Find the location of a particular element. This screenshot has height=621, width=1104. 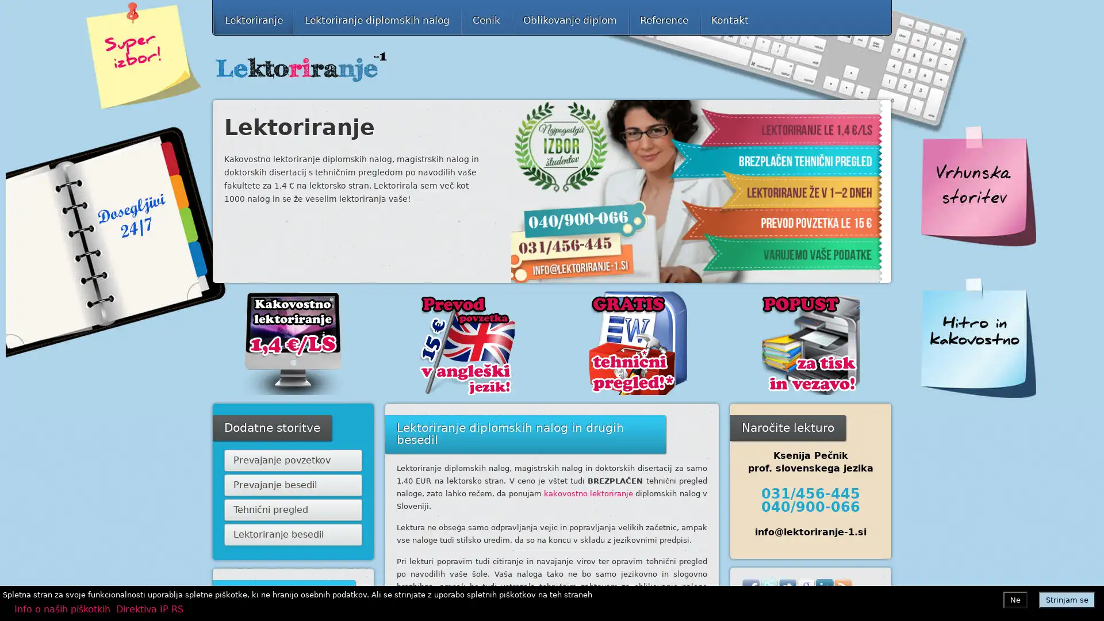

Strinjam se is located at coordinates (1067, 599).